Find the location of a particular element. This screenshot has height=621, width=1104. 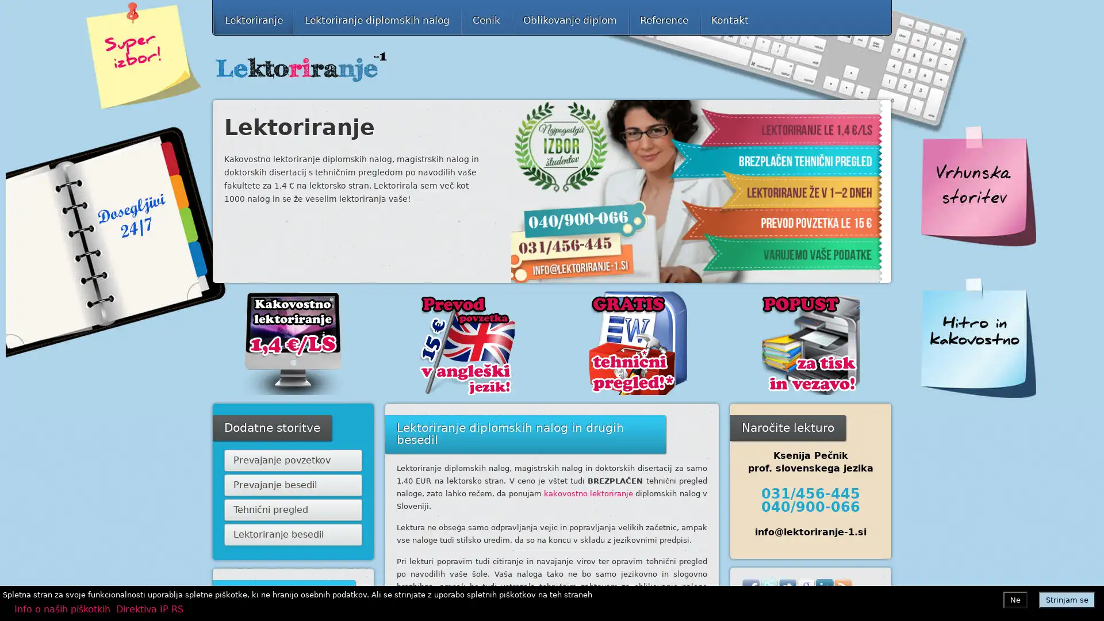

Strinjam se is located at coordinates (1067, 599).